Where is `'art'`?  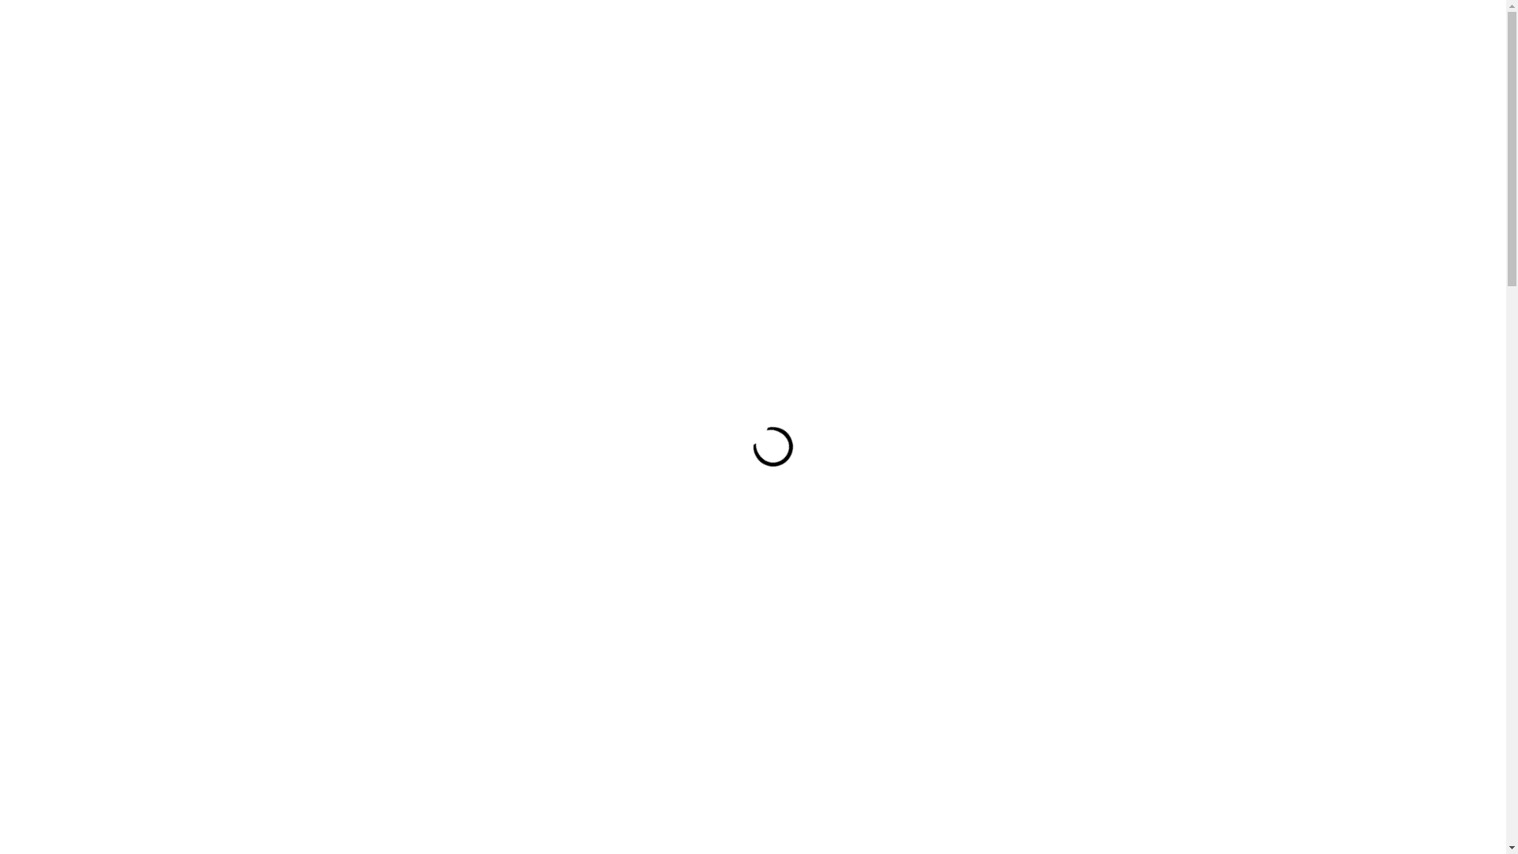 'art' is located at coordinates (746, 115).